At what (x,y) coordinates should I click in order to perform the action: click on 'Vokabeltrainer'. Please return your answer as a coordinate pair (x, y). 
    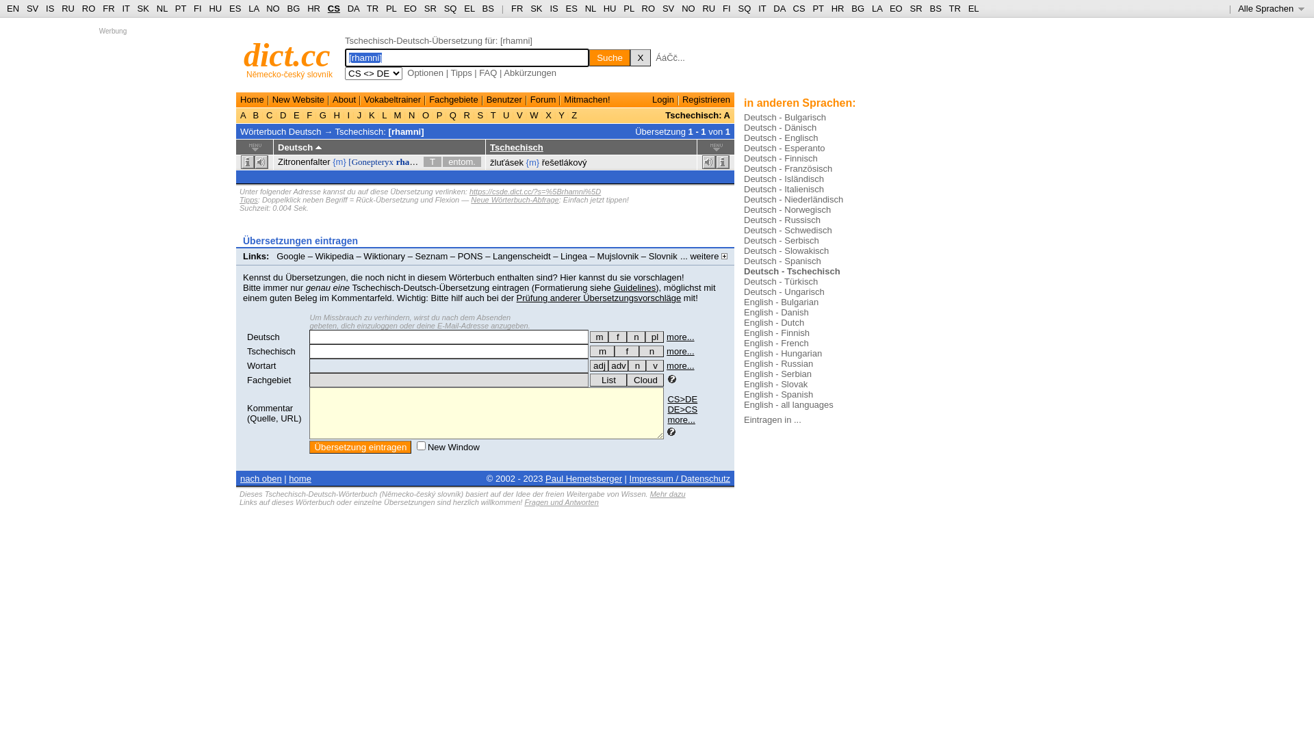
    Looking at the image, I should click on (364, 99).